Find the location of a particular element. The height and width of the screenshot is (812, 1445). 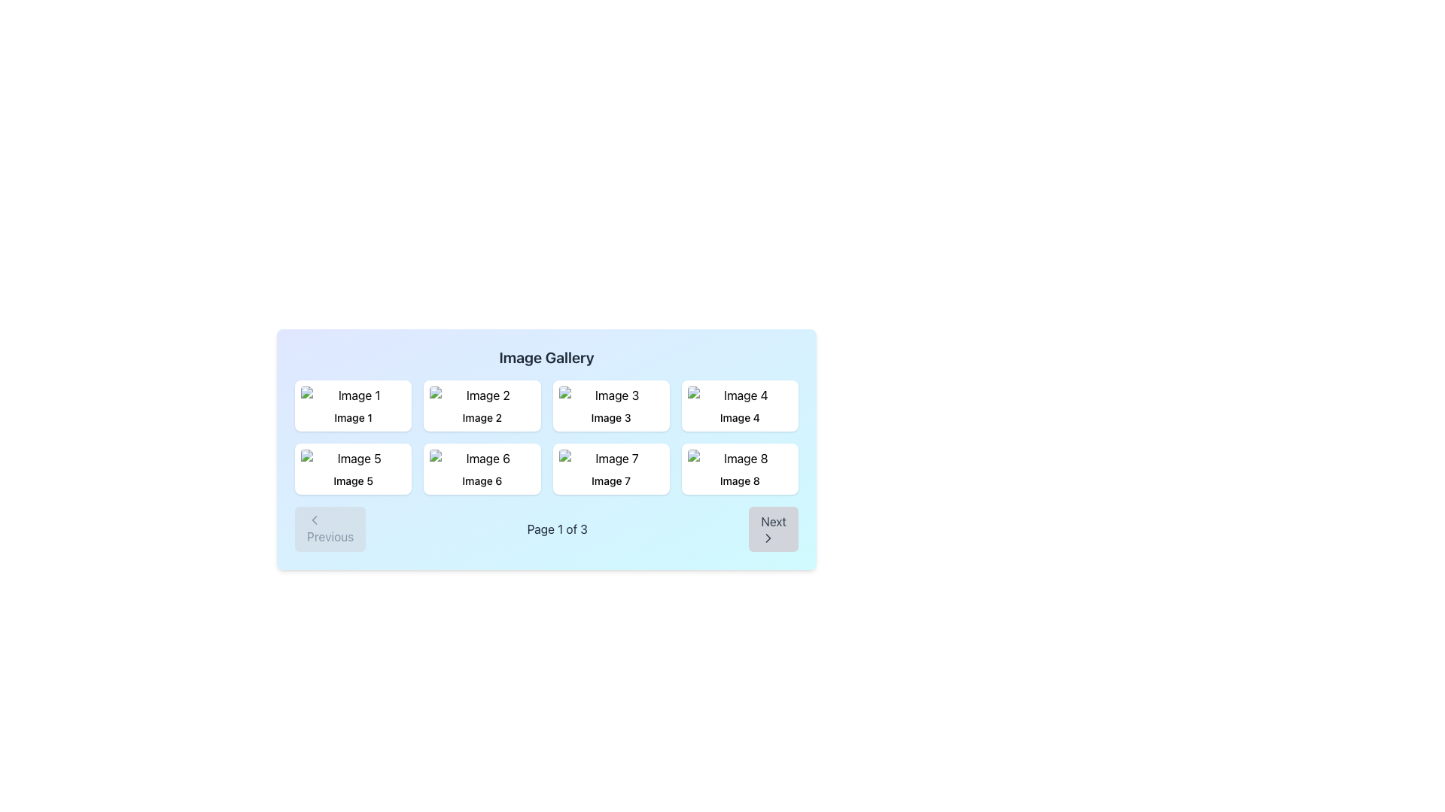

the Text label that describes the thumbnail image 'Image 1' located in the top-left corner of the gallery grid is located at coordinates (352, 417).